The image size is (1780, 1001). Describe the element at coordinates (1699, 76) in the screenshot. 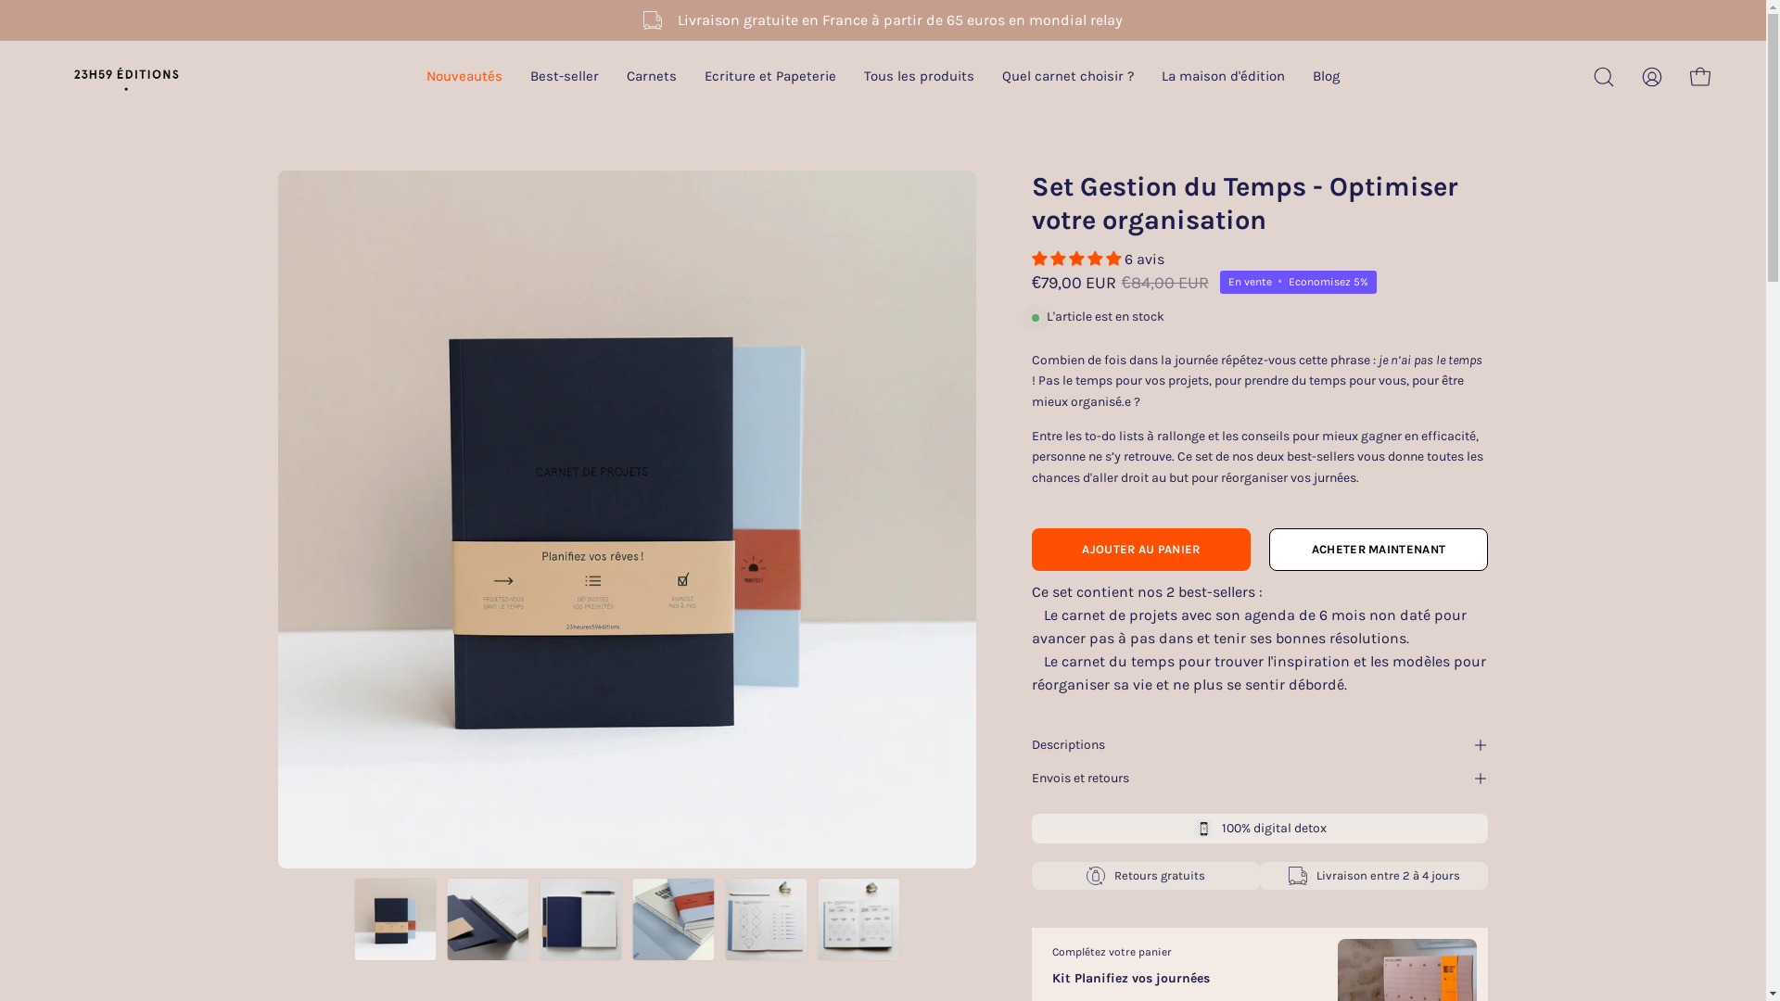

I see `'Ouvrir le panier'` at that location.